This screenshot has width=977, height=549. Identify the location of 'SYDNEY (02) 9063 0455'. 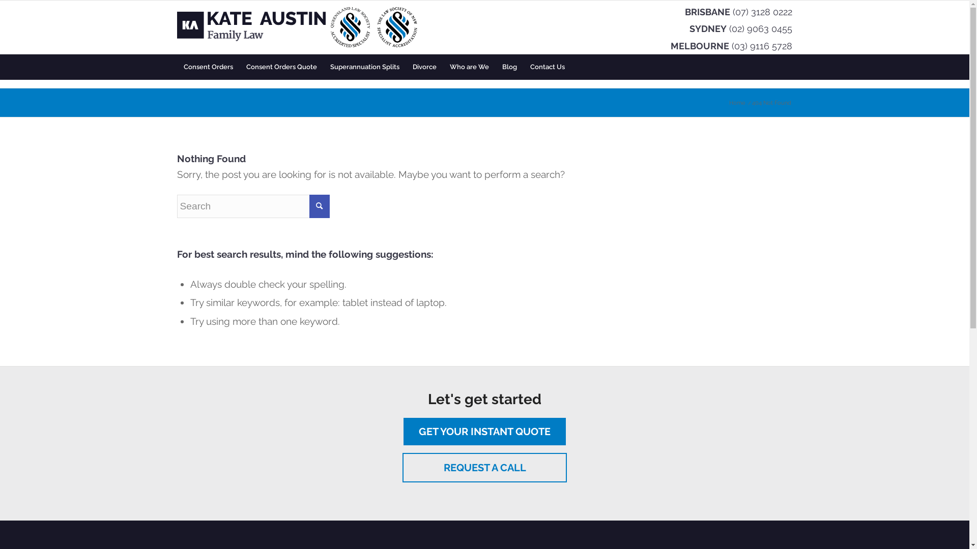
(689, 27).